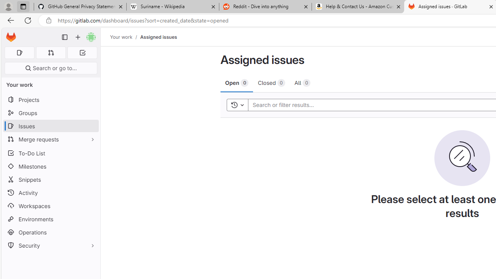 This screenshot has height=279, width=496. Describe the element at coordinates (65, 37) in the screenshot. I see `'Primary navigation sidebar'` at that location.